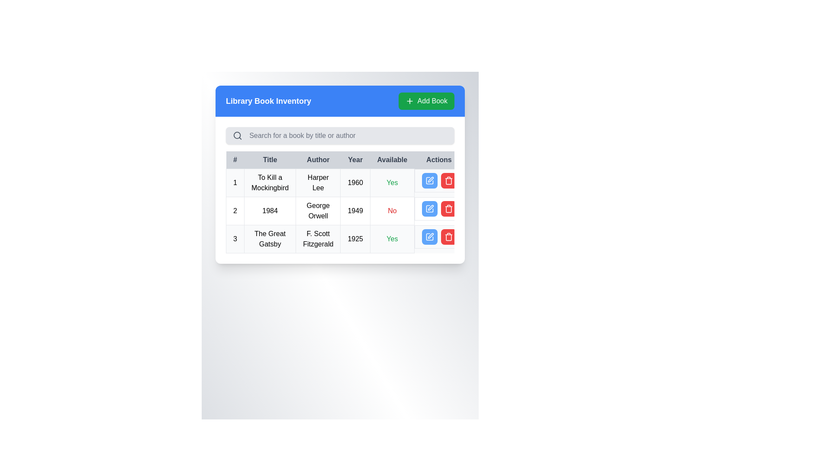 Image resolution: width=831 pixels, height=467 pixels. Describe the element at coordinates (429, 180) in the screenshot. I see `the button in the 'Actions' column of the first row, which has a blue background, white text, and a pen icon` at that location.